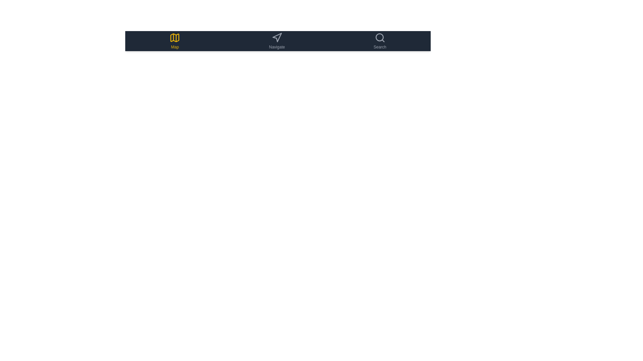  What do you see at coordinates (277, 41) in the screenshot?
I see `the navigation Button with an icon and label located in the top horizontal bar, specifically the second option between 'Map' and 'Search'` at bounding box center [277, 41].